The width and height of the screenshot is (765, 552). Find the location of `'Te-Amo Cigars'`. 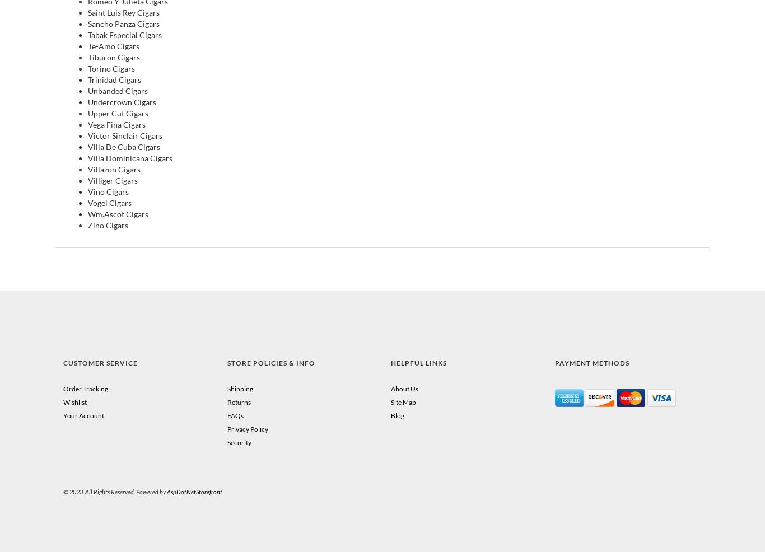

'Te-Amo Cigars' is located at coordinates (113, 45).